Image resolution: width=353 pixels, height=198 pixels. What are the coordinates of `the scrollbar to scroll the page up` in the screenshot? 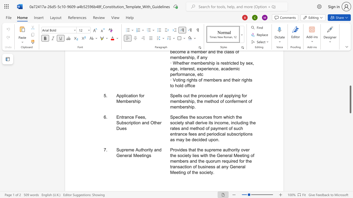 It's located at (350, 80).